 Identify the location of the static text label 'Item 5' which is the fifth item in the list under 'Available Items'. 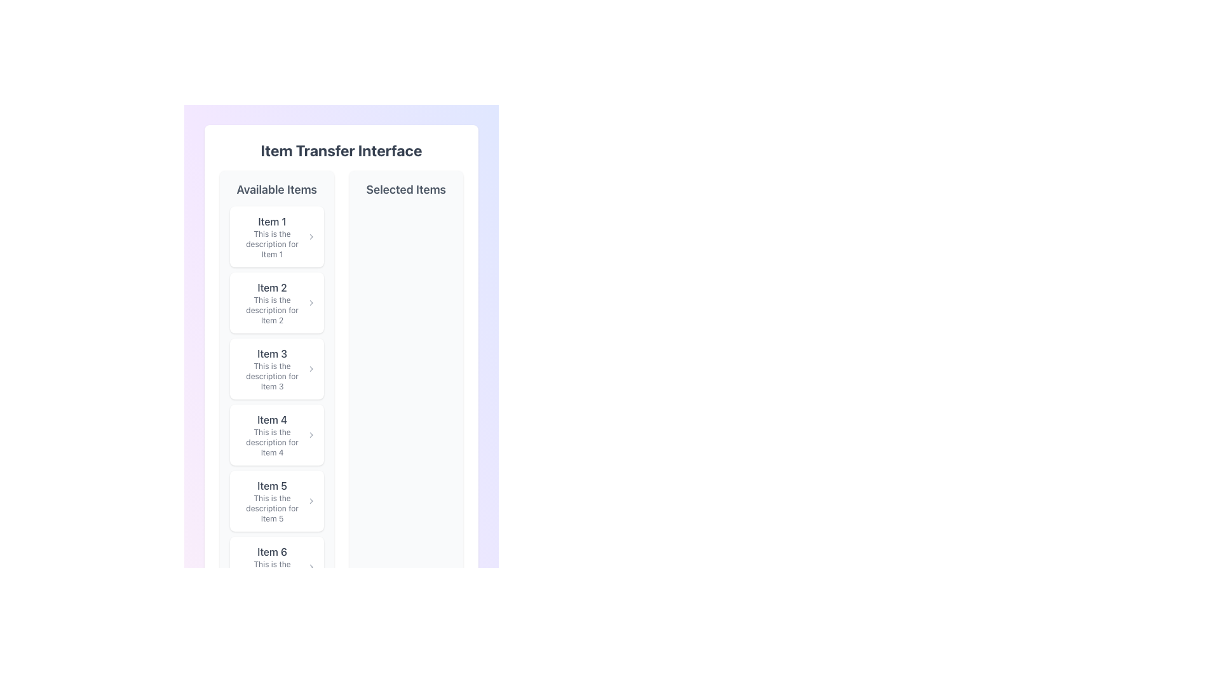
(271, 485).